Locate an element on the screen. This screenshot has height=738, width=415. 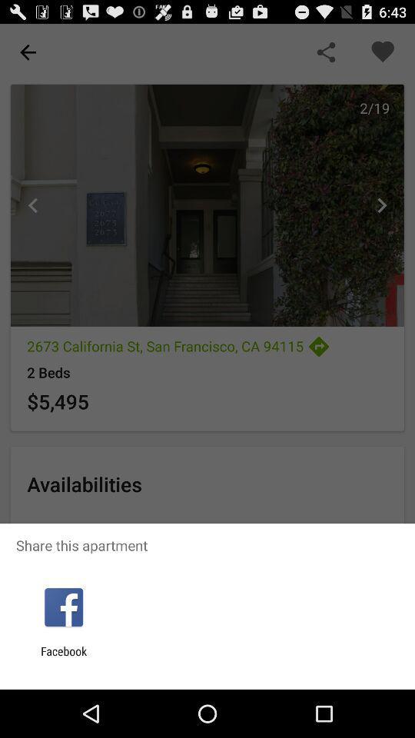
the icon above facebook icon is located at coordinates (63, 607).